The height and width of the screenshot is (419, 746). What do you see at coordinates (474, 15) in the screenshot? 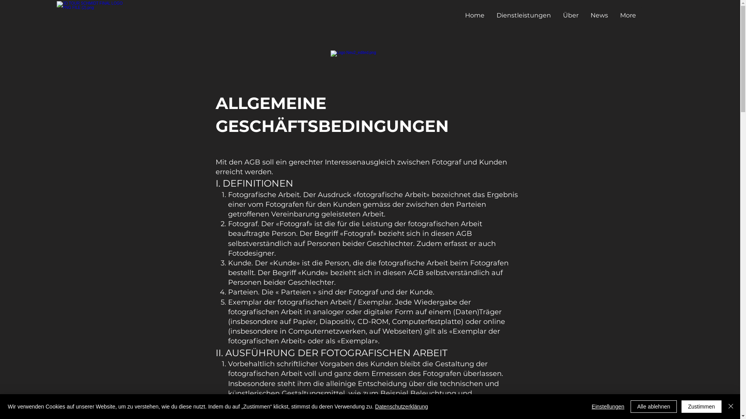
I see `'Home'` at bounding box center [474, 15].